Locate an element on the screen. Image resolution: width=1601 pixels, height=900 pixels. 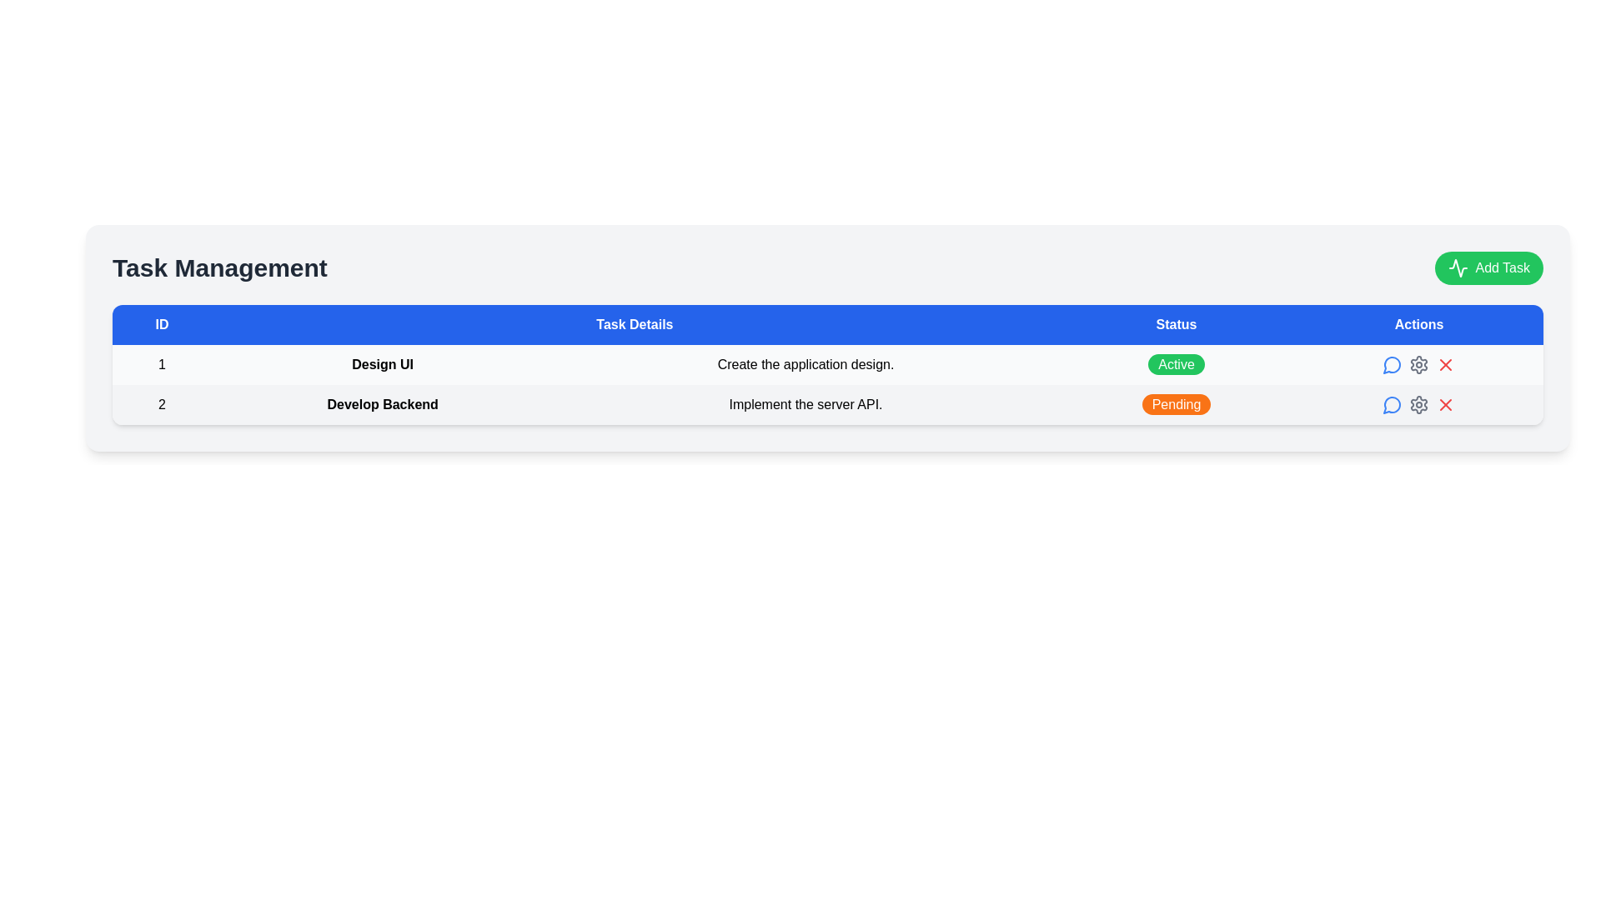
the 'X' icon in the Actions column of the second row of the task table is located at coordinates (1445, 405).